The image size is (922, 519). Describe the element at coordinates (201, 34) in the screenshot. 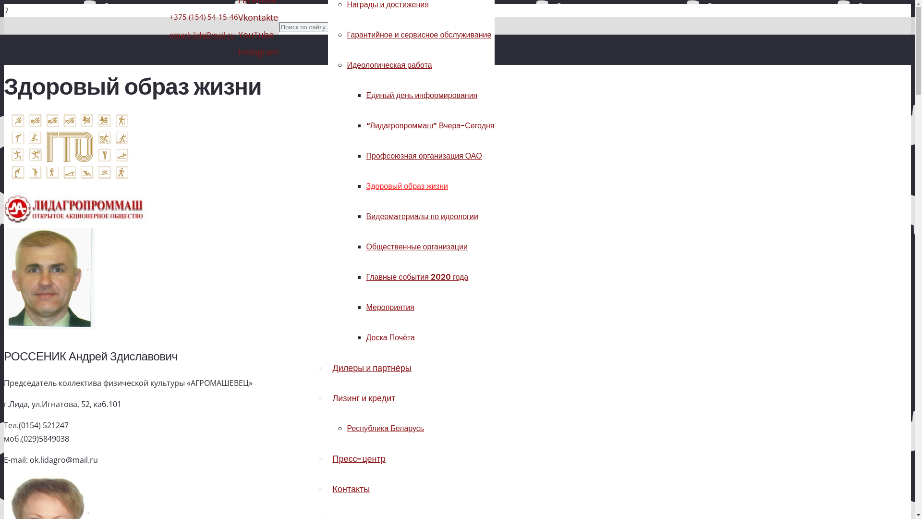

I see `'omark.lida@mail.ru'` at that location.